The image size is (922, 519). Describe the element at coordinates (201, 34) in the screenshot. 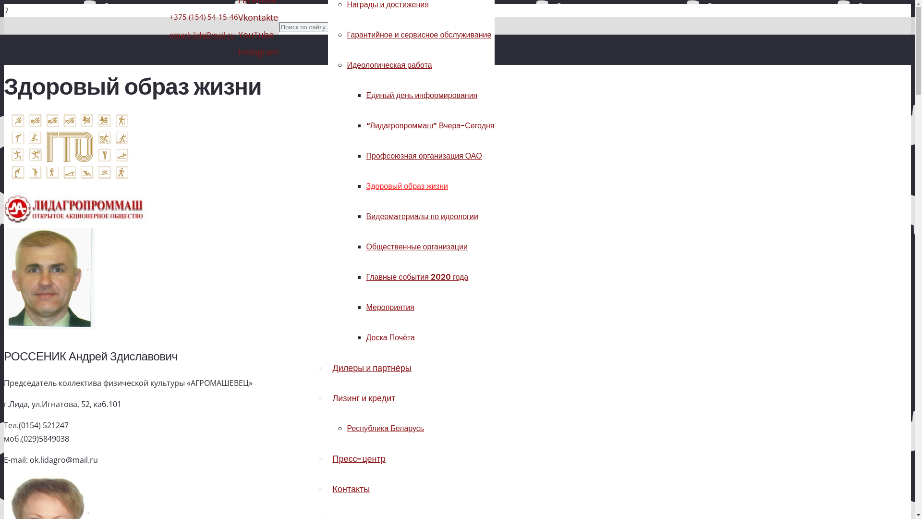

I see `'omark.lida@mail.ru'` at that location.